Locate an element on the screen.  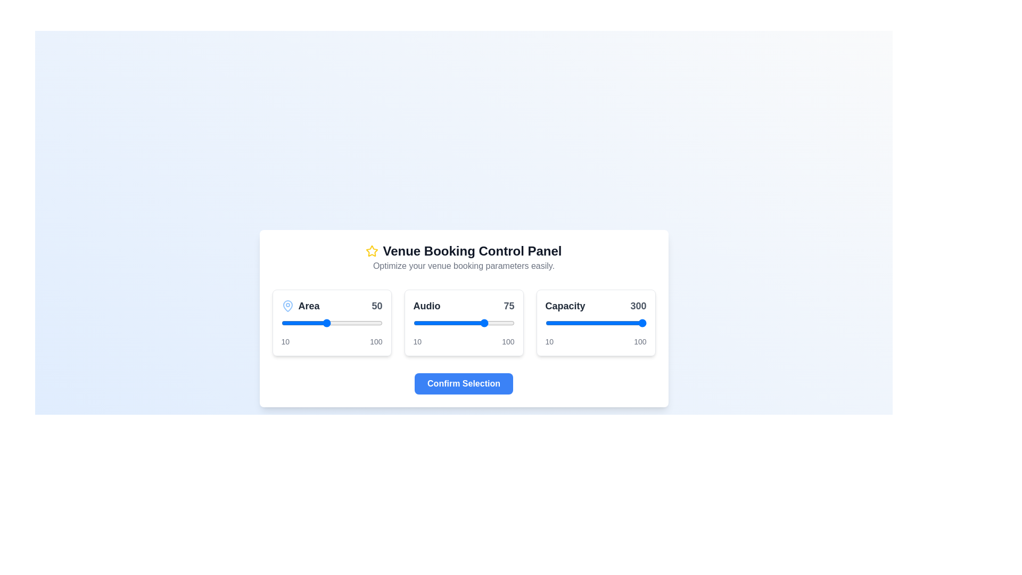
capacity is located at coordinates (566, 322).